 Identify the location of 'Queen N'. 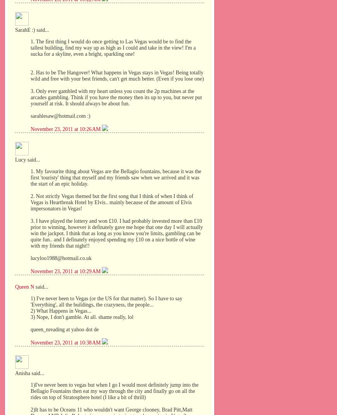
(24, 287).